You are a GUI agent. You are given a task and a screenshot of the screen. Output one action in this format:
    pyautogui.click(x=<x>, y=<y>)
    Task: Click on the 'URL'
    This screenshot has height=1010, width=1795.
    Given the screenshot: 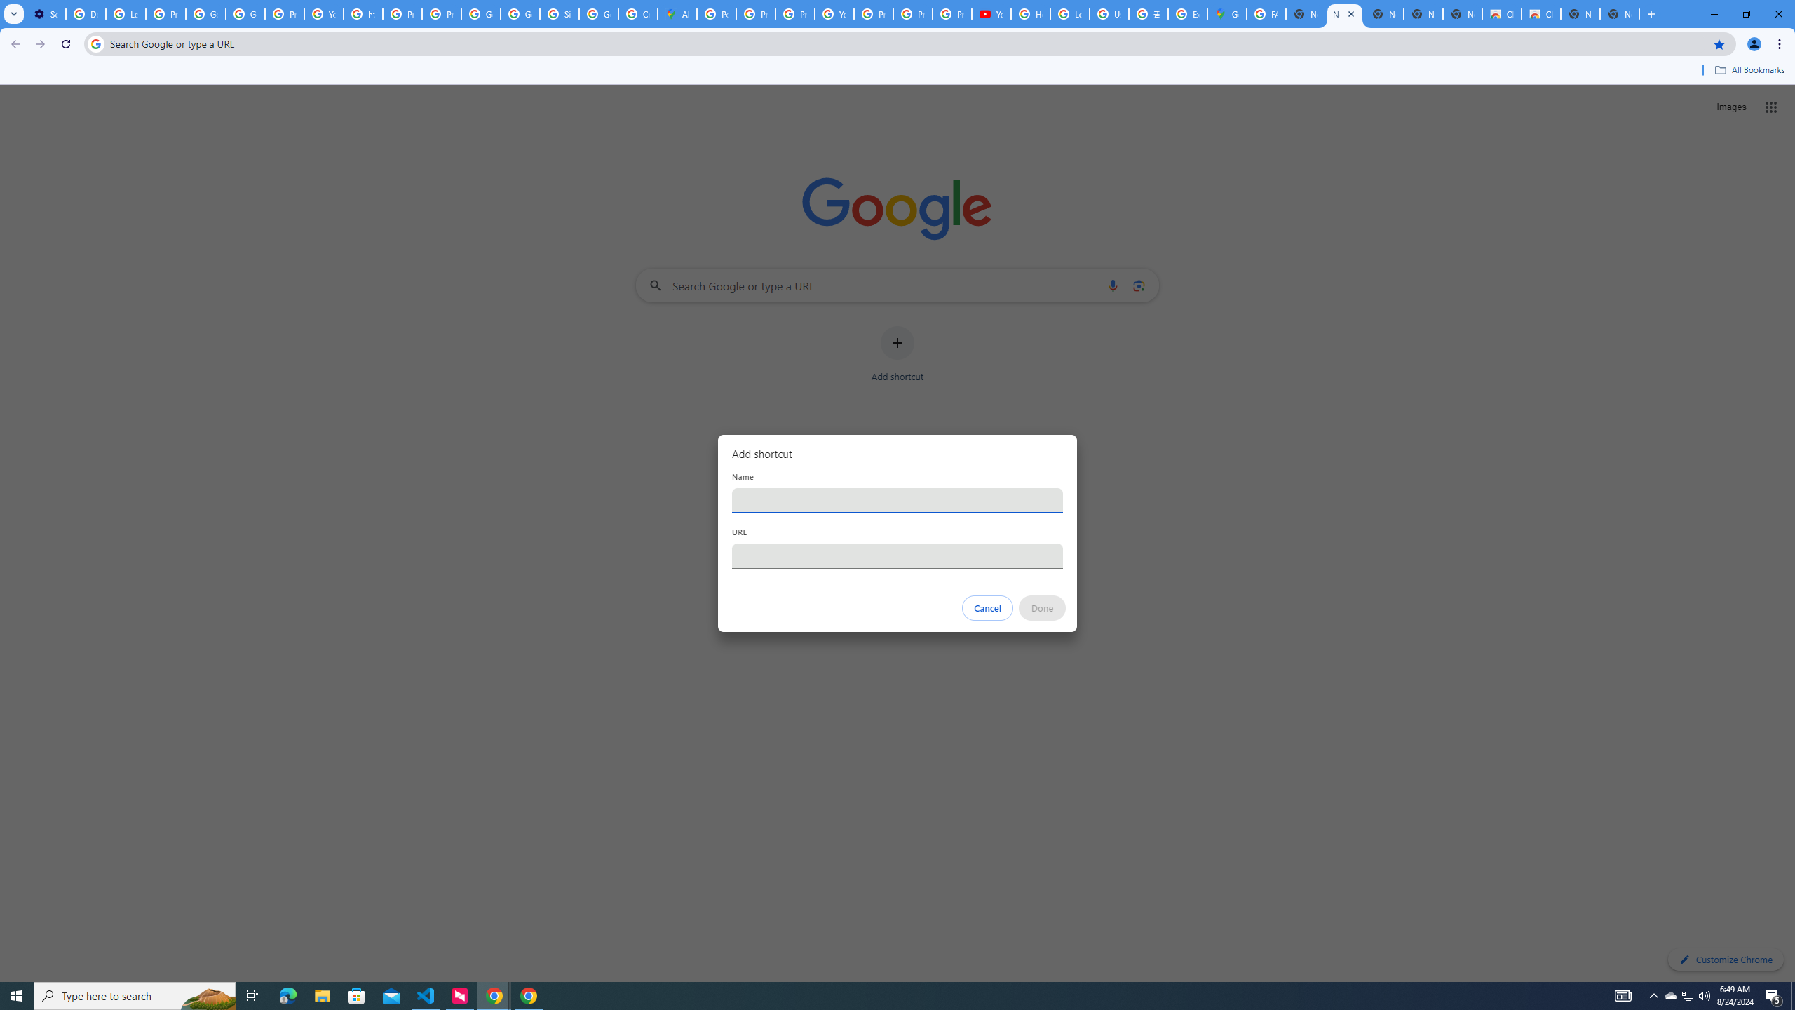 What is the action you would take?
    pyautogui.click(x=897, y=555)
    